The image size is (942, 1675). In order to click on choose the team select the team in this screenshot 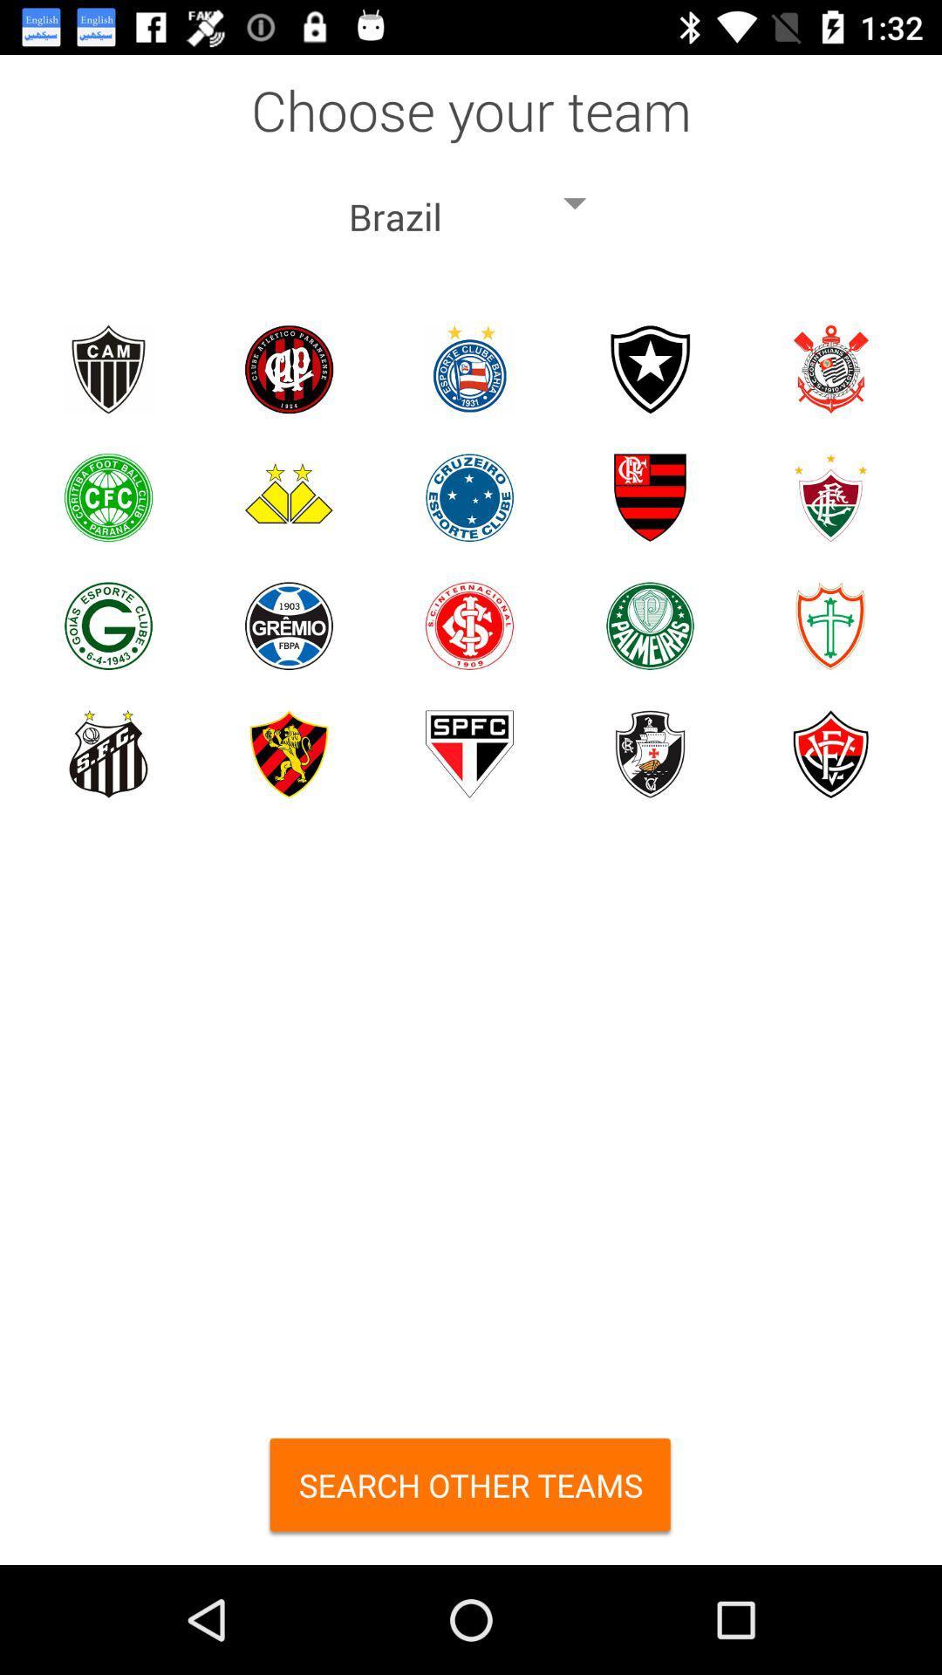, I will do `click(650, 368)`.